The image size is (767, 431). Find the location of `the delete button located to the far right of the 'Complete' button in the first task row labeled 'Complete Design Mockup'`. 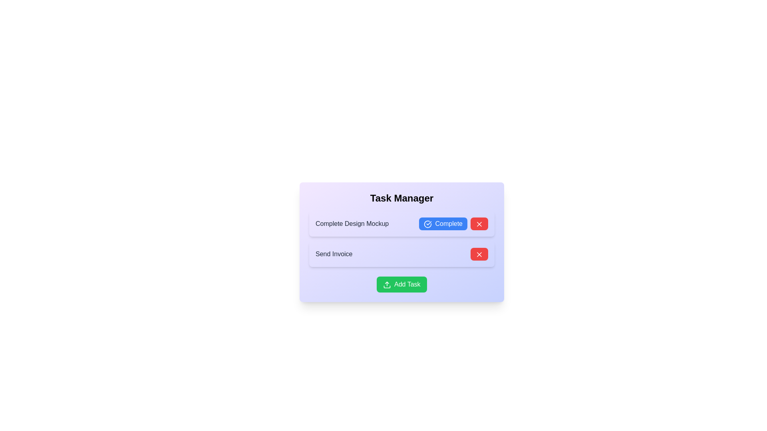

the delete button located to the far right of the 'Complete' button in the first task row labeled 'Complete Design Mockup' is located at coordinates (479, 223).